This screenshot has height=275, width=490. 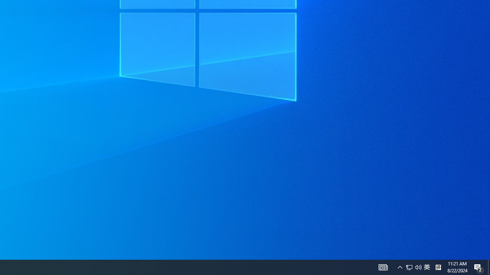 What do you see at coordinates (383, 267) in the screenshot?
I see `'AutomationID: 4105'` at bounding box center [383, 267].